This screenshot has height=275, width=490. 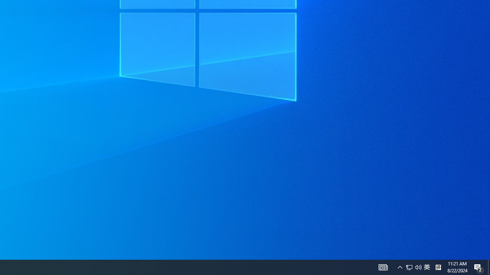 What do you see at coordinates (383, 267) in the screenshot?
I see `'AutomationID: 4105'` at bounding box center [383, 267].